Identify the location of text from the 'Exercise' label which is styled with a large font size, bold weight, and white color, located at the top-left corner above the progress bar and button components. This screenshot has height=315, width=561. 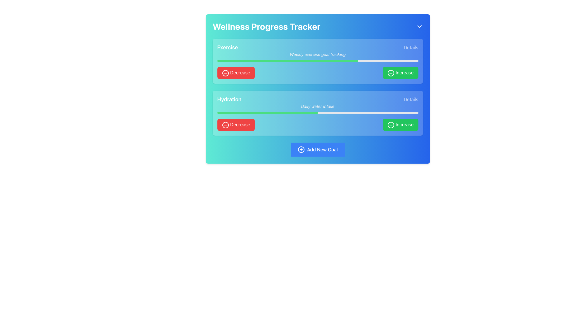
(227, 47).